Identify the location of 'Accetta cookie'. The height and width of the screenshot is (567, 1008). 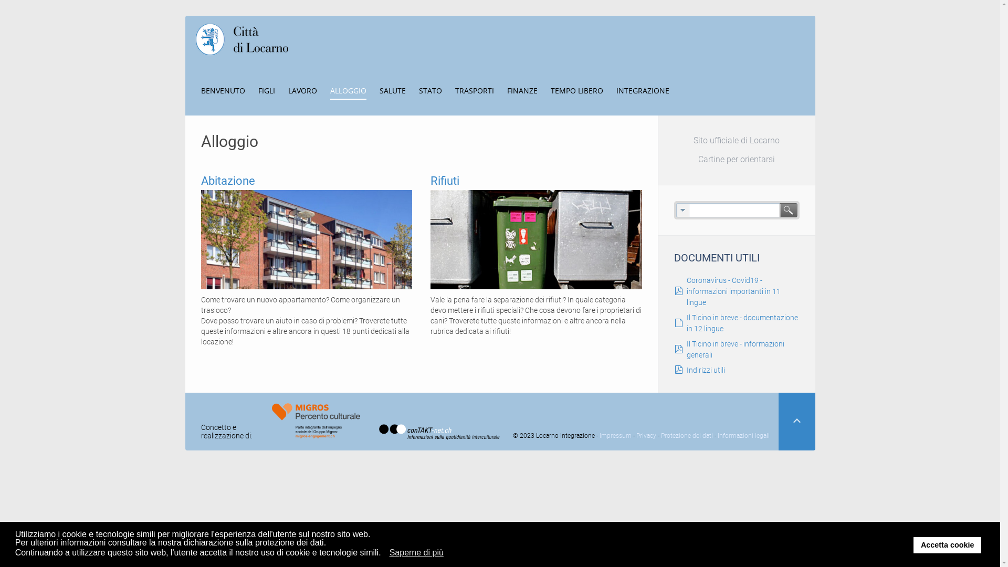
(947, 544).